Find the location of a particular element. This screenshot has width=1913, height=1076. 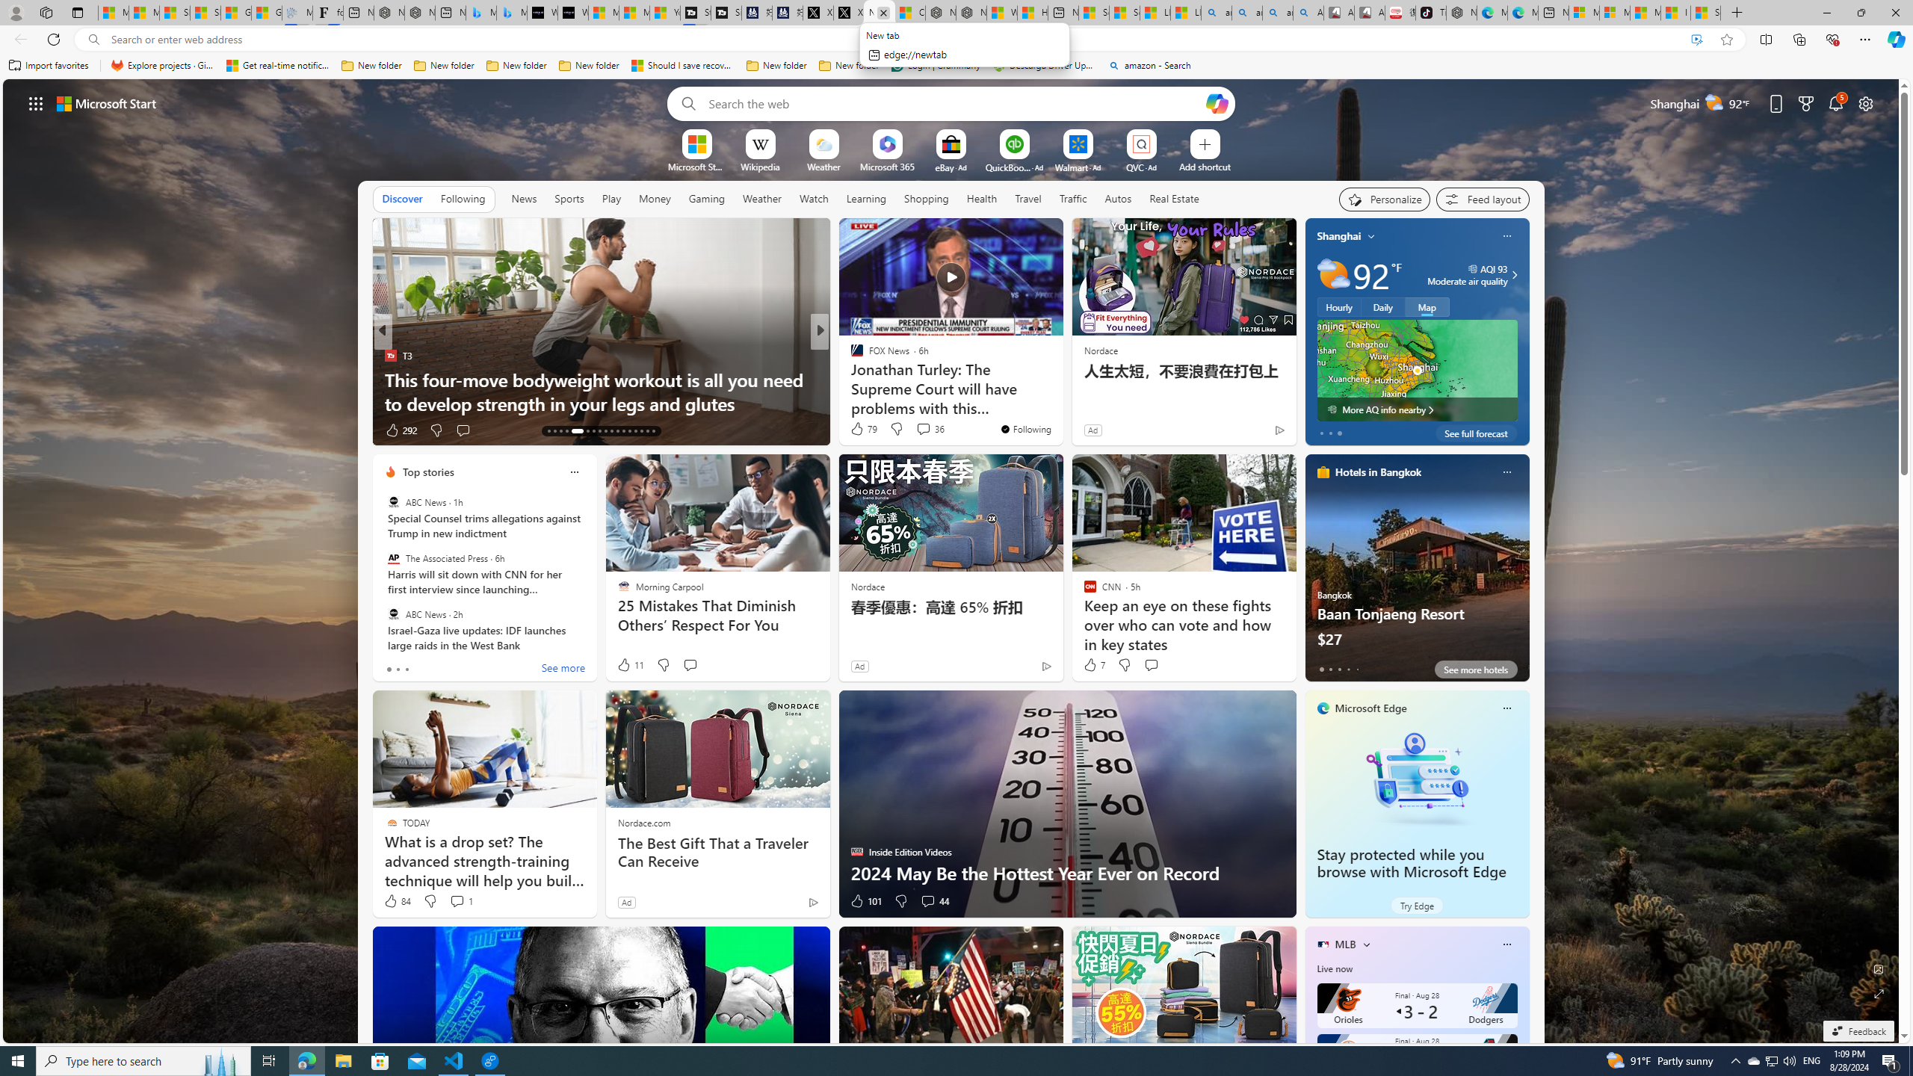

'Microsoft Edge' is located at coordinates (1370, 708).